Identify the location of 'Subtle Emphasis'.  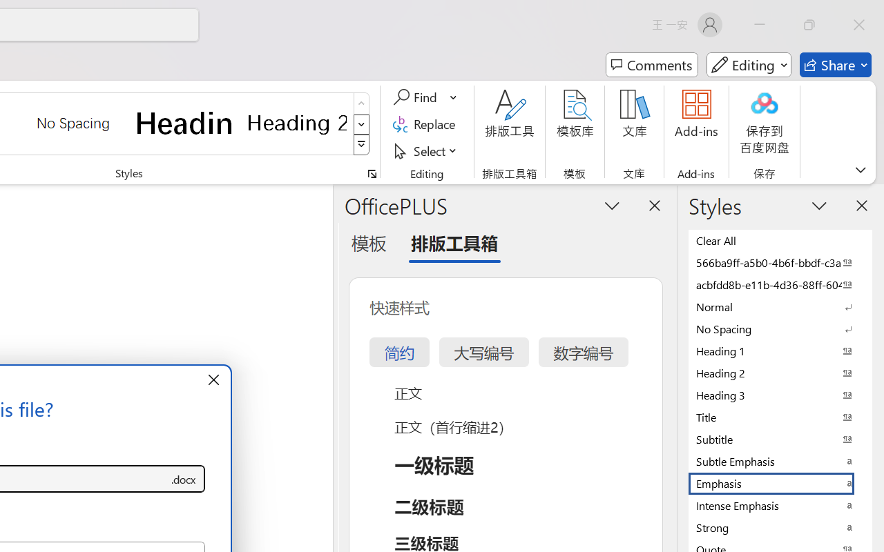
(780, 461).